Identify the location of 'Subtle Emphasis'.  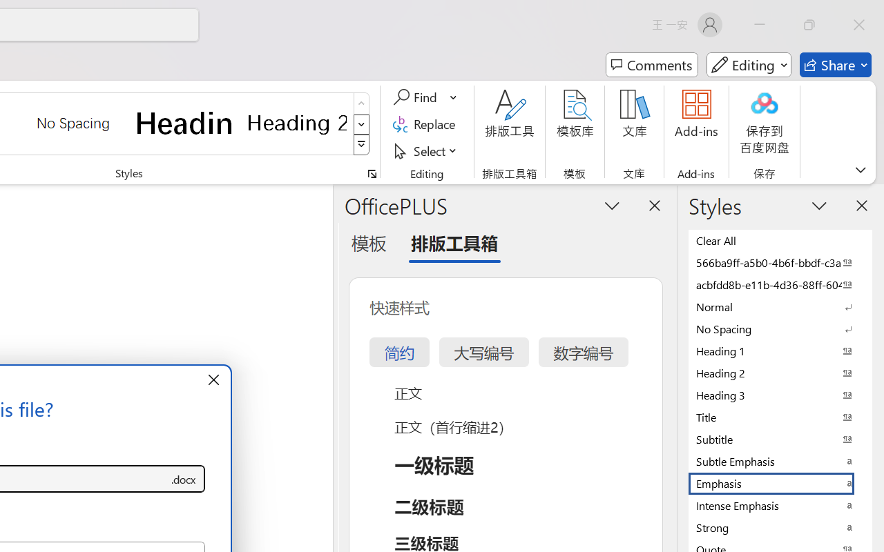
(780, 461).